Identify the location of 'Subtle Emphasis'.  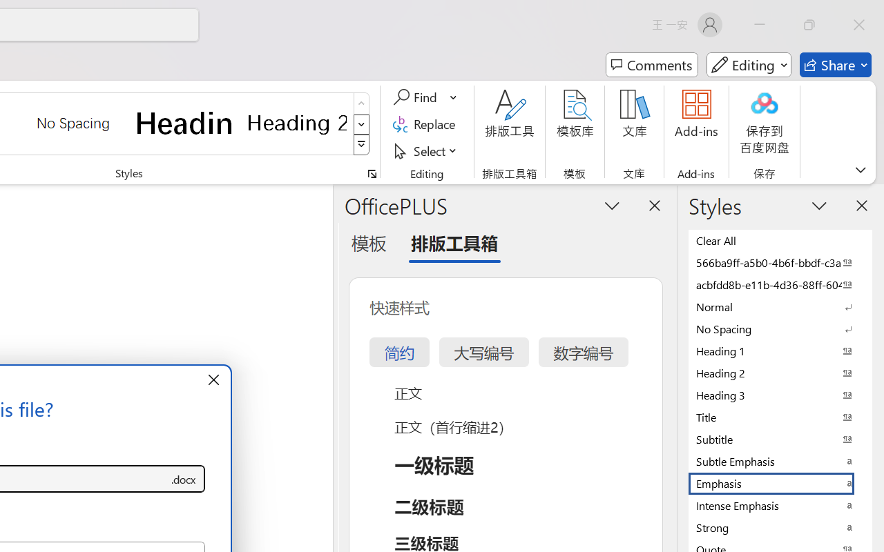
(780, 461).